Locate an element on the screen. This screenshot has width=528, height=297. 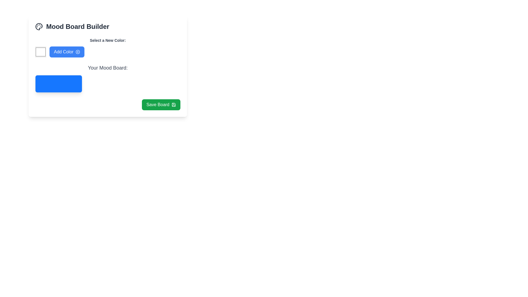
the small circular icon with a blue background and white outline, which contains a plus sign, located inside the 'Add Color' button is located at coordinates (78, 52).